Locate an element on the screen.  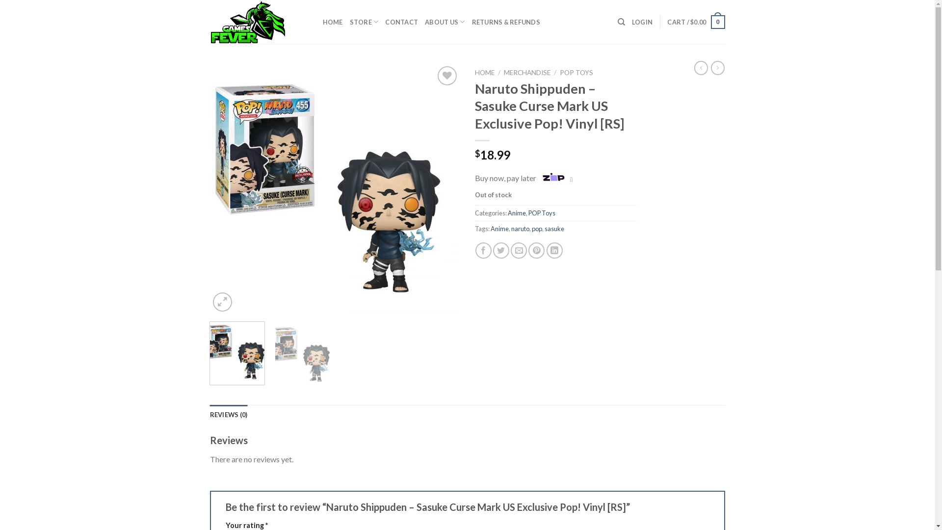
'Anime' is located at coordinates (516, 212).